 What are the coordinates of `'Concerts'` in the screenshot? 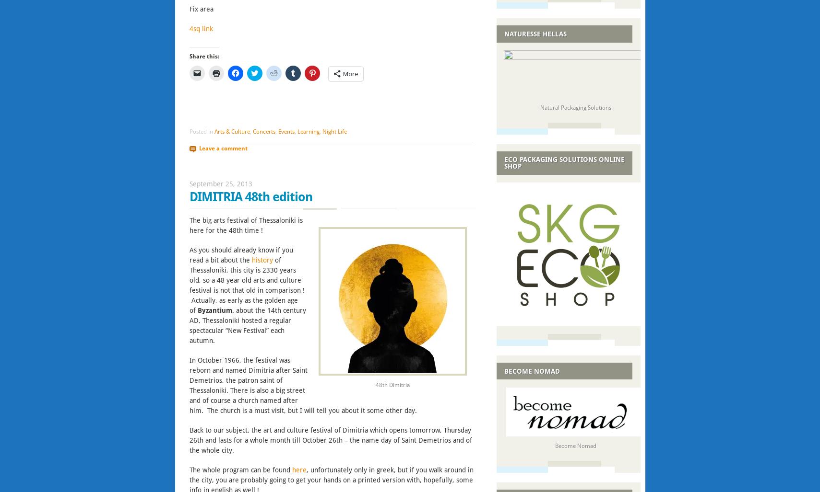 It's located at (263, 132).